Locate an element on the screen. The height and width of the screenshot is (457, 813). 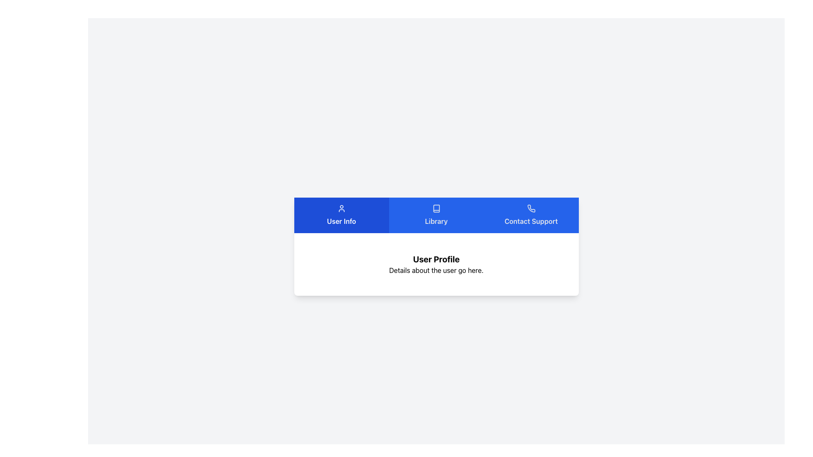
properties of the phone icon located in the 'Contact Support' tab of the blue header navigation menu is located at coordinates (531, 209).